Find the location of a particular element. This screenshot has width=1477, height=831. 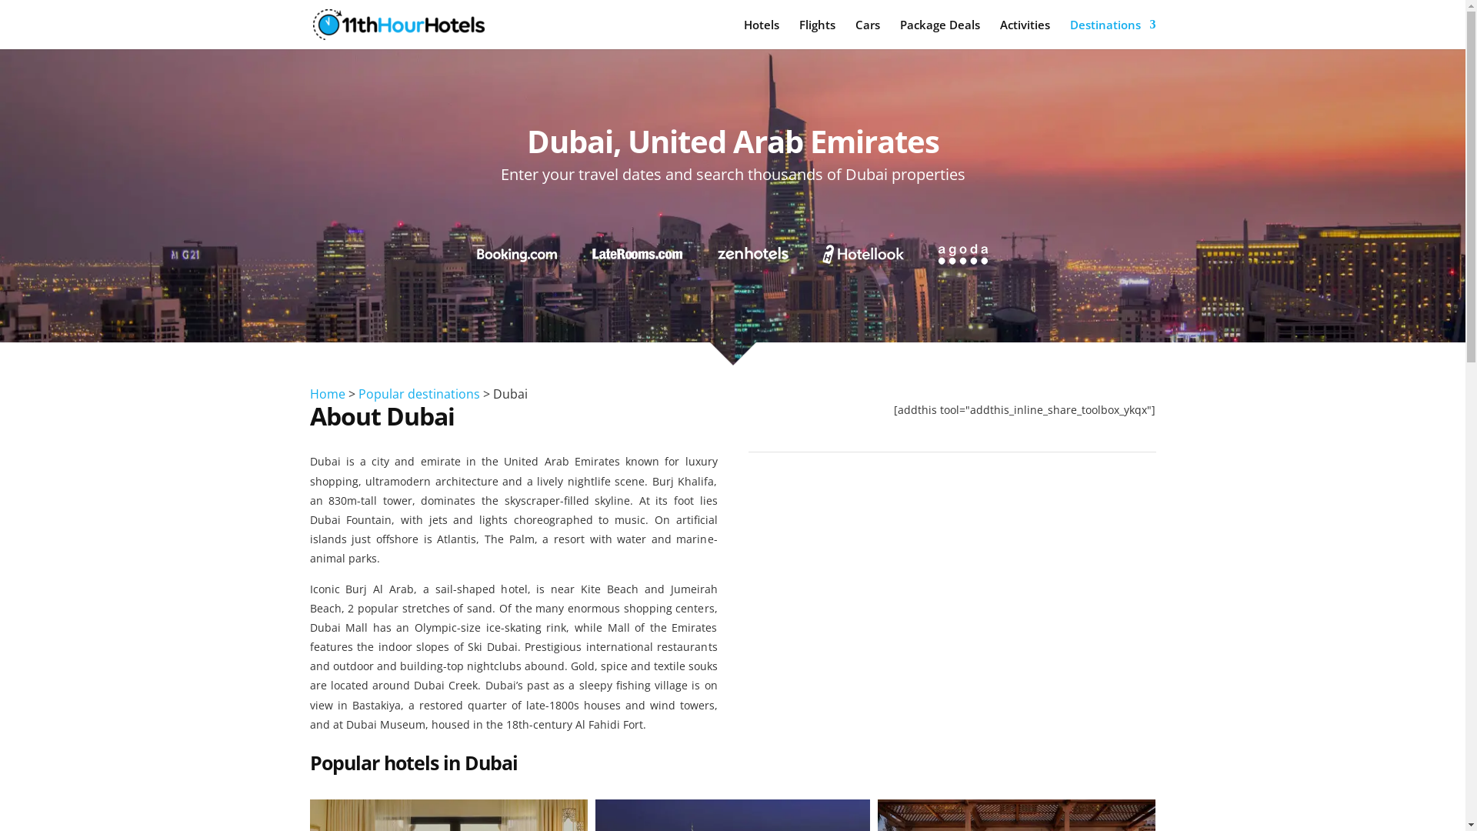

'Flights' is located at coordinates (815, 34).